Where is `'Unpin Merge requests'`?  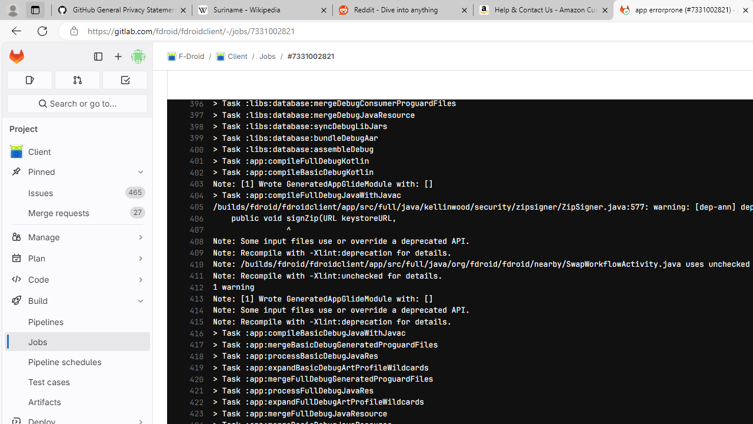 'Unpin Merge requests' is located at coordinates (138, 213).